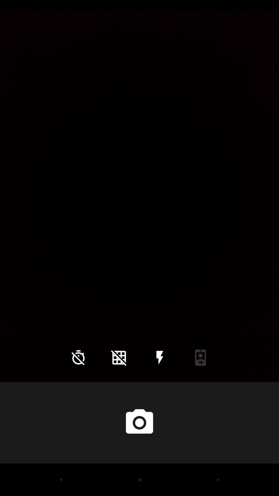 Image resolution: width=279 pixels, height=496 pixels. Describe the element at coordinates (159, 357) in the screenshot. I see `the flash icon` at that location.